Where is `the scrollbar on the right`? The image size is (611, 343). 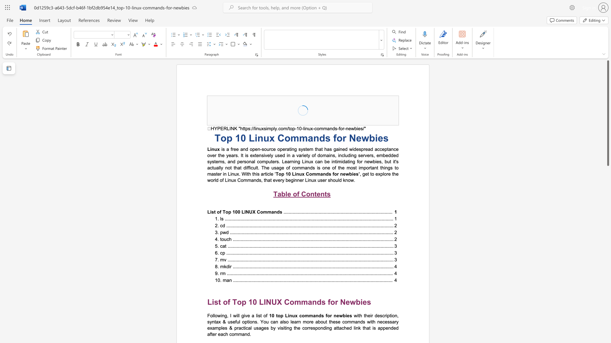
the scrollbar on the right is located at coordinates (607, 181).